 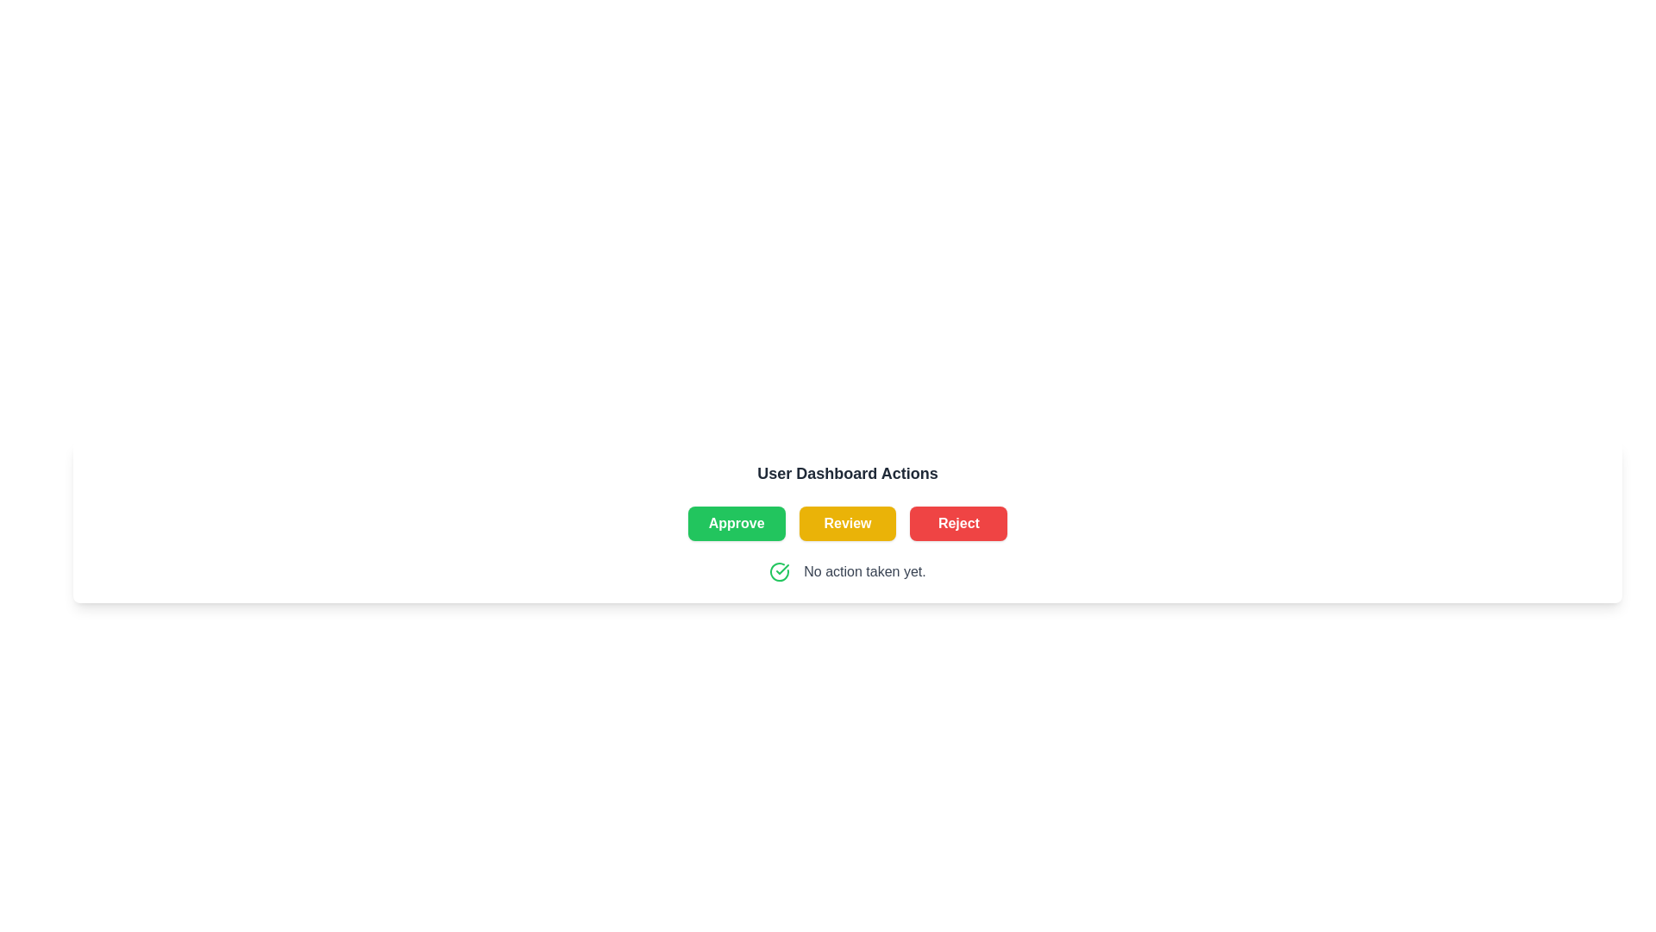 What do you see at coordinates (848, 522) in the screenshot?
I see `the middle button labeled 'Review'` at bounding box center [848, 522].